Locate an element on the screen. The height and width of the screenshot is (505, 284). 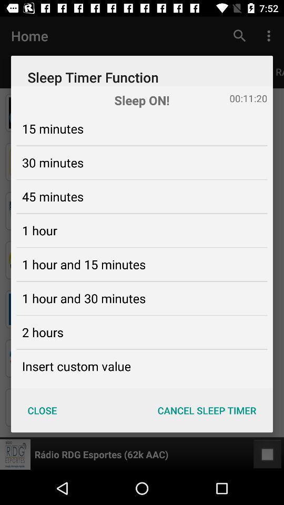
item above the insert custom value icon is located at coordinates (42, 331).